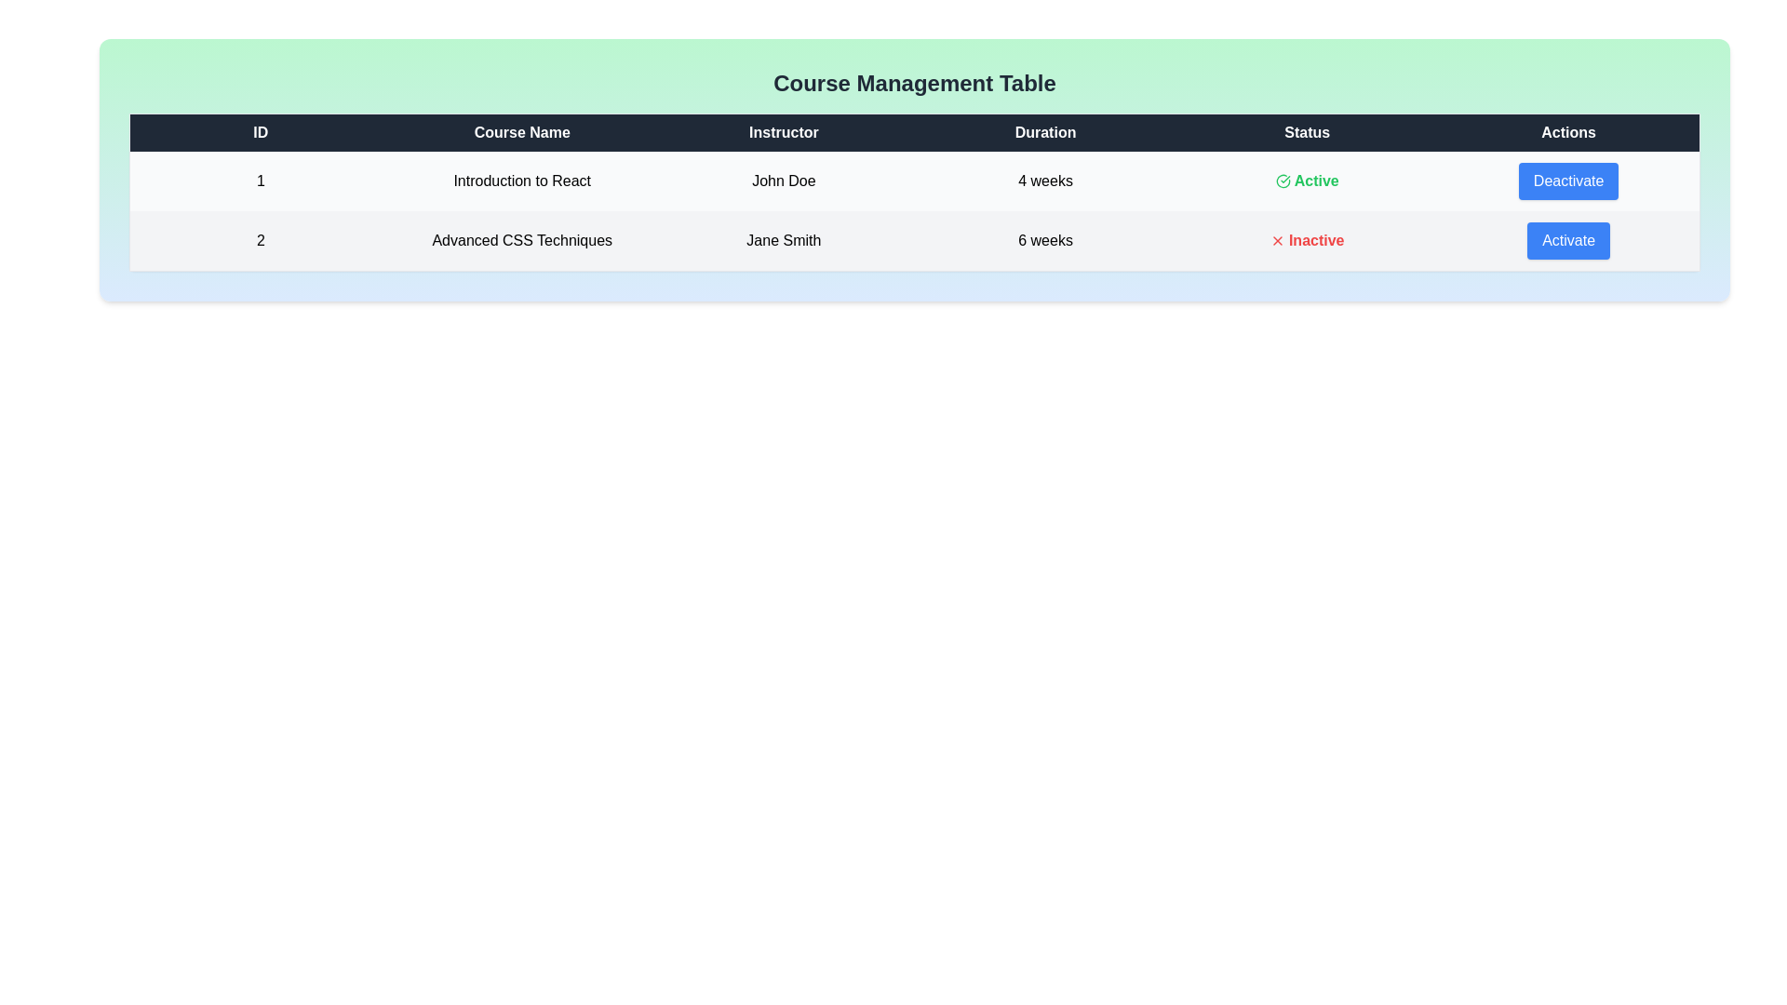  I want to click on the 'Activate' button, which is the last button in the 'Actions' column for the course 'Advanced CSS Techniques', so click(1567, 240).